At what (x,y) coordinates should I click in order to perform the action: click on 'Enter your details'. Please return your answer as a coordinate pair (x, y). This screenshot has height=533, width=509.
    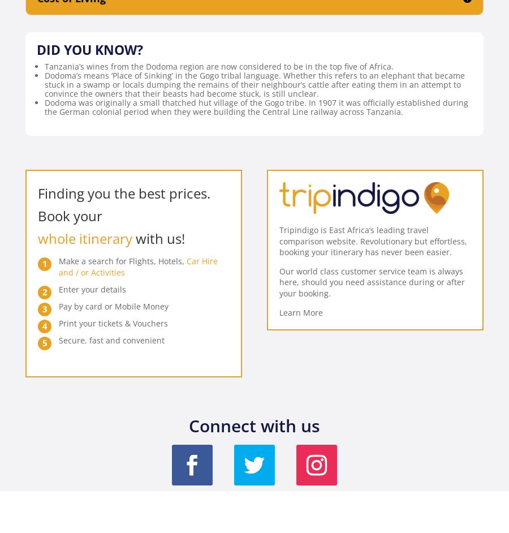
    Looking at the image, I should click on (92, 289).